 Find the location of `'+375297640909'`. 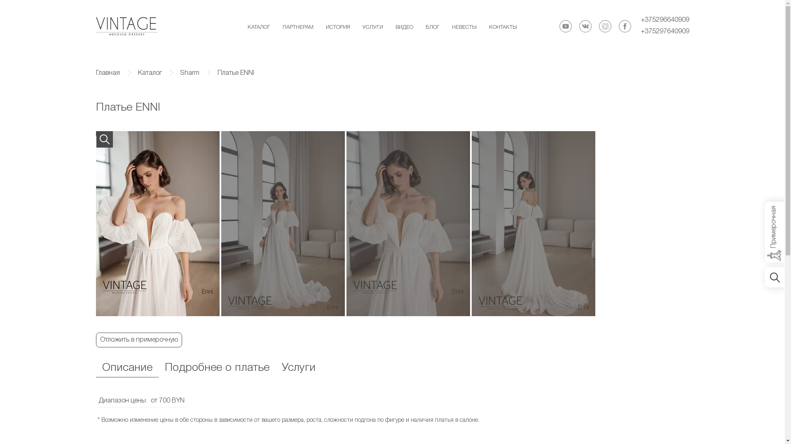

'+375297640909' is located at coordinates (665, 31).